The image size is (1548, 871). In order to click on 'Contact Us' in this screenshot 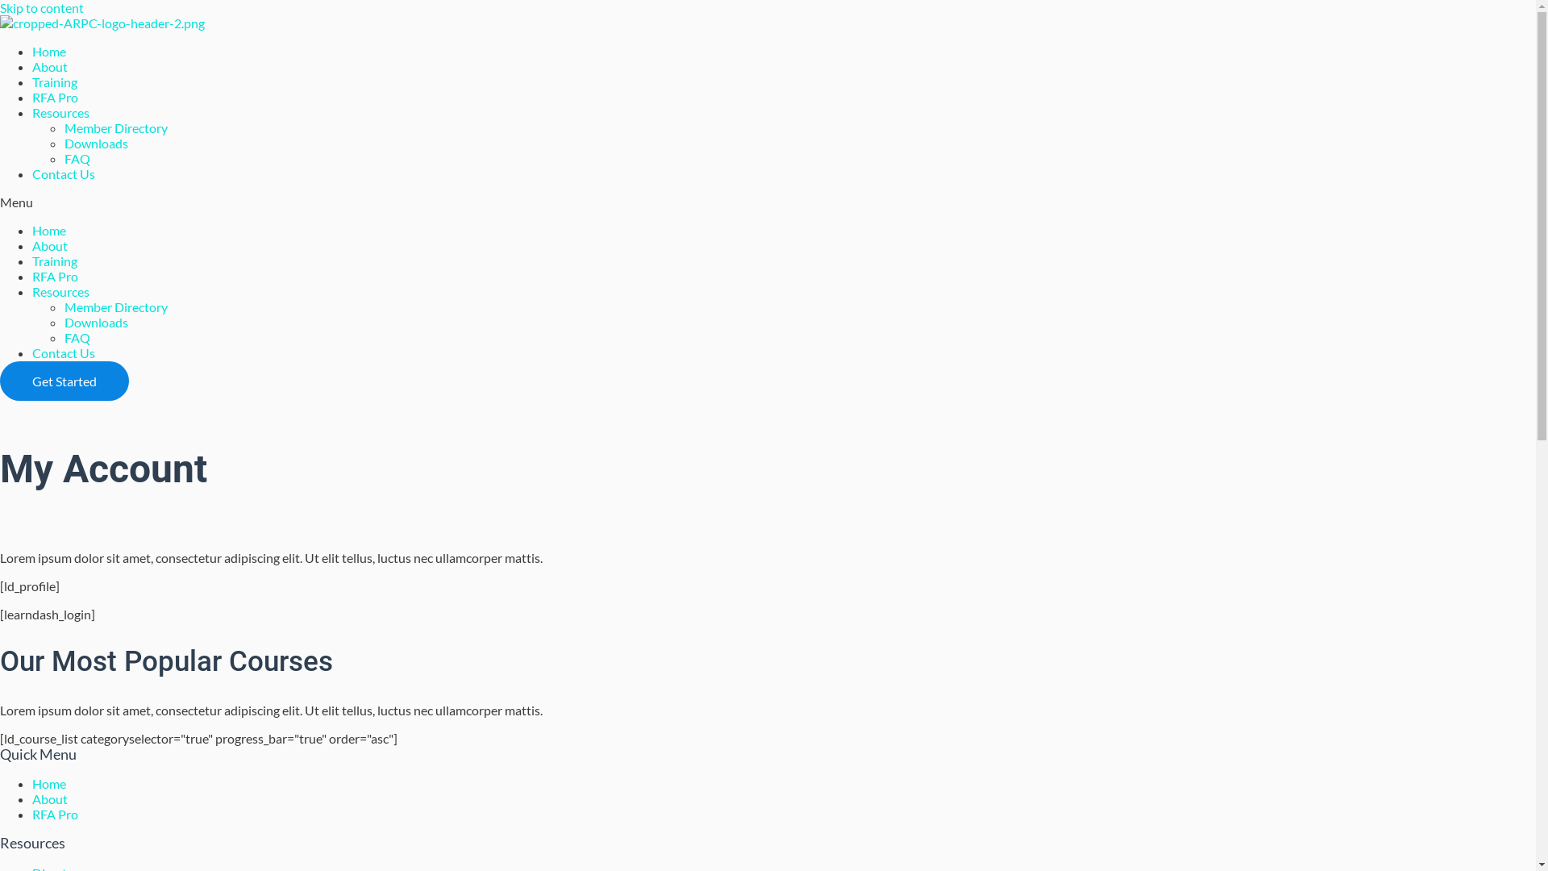, I will do `click(63, 352)`.